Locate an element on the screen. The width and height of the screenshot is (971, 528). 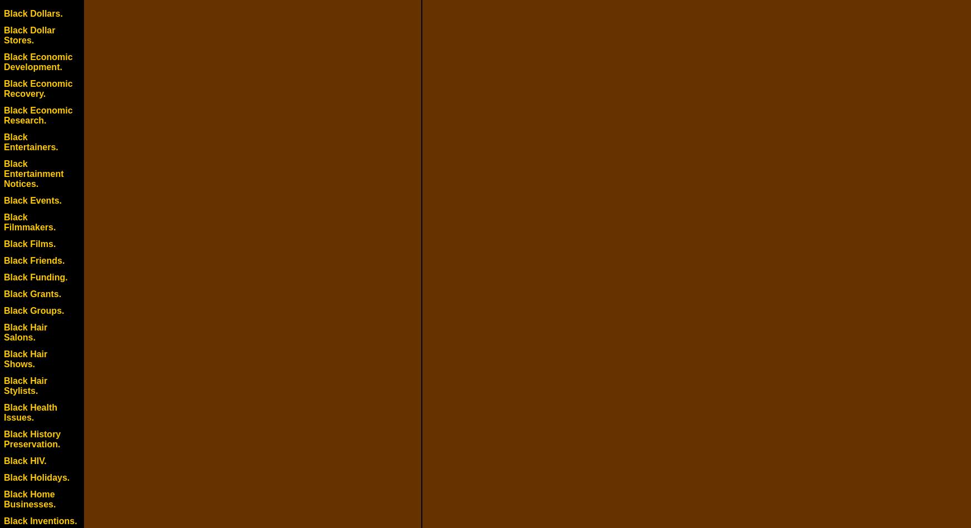
'Black Holidays.' is located at coordinates (36, 477).